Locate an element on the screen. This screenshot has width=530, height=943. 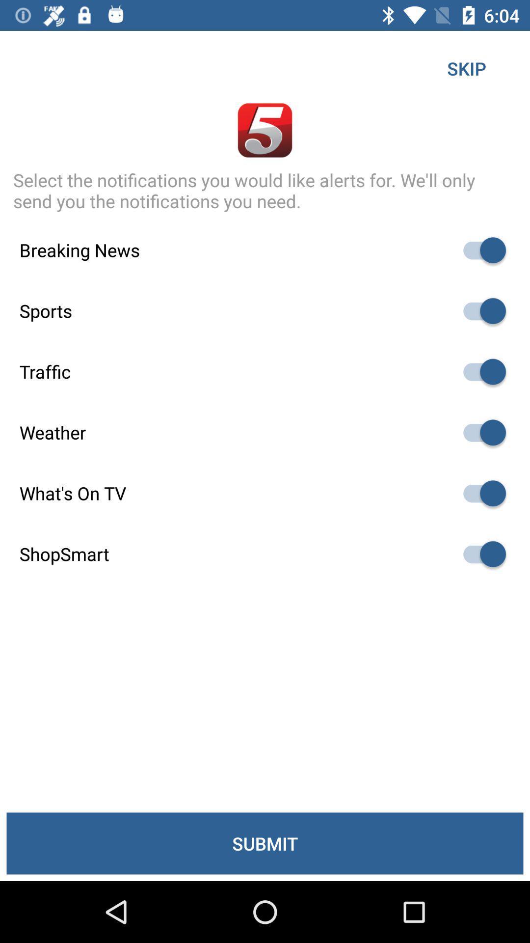
breaking news option is located at coordinates (479, 250).